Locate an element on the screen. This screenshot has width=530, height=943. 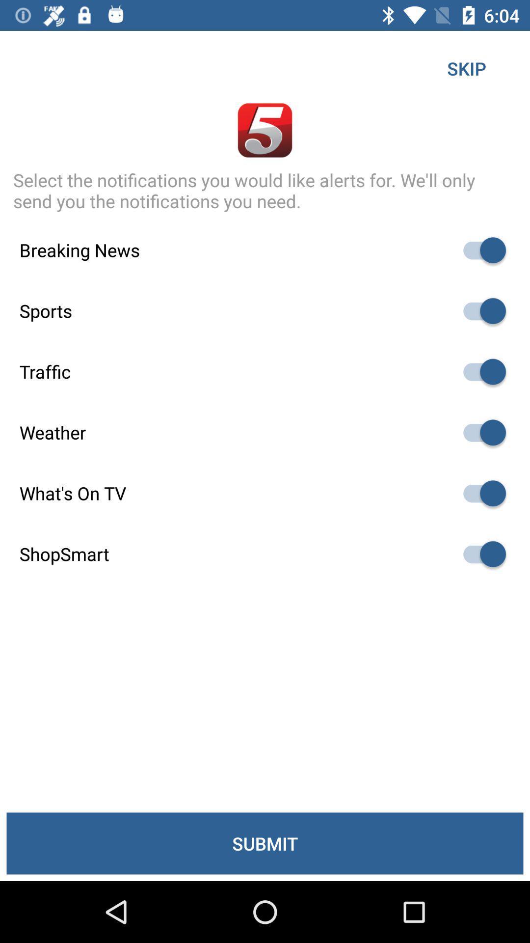
breaking news option is located at coordinates (479, 250).